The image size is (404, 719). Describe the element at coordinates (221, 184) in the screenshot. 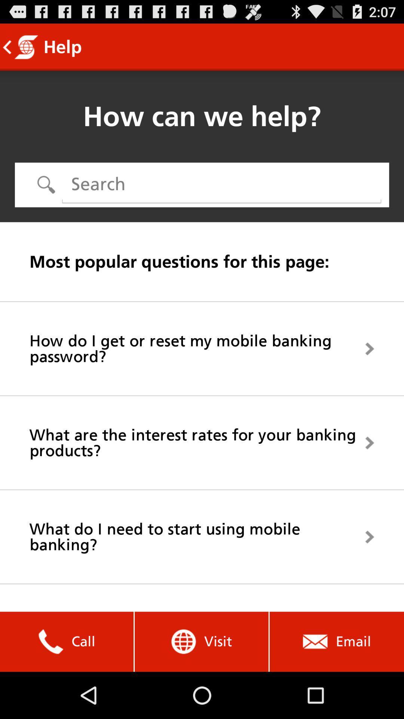

I see `the item below how can we item` at that location.